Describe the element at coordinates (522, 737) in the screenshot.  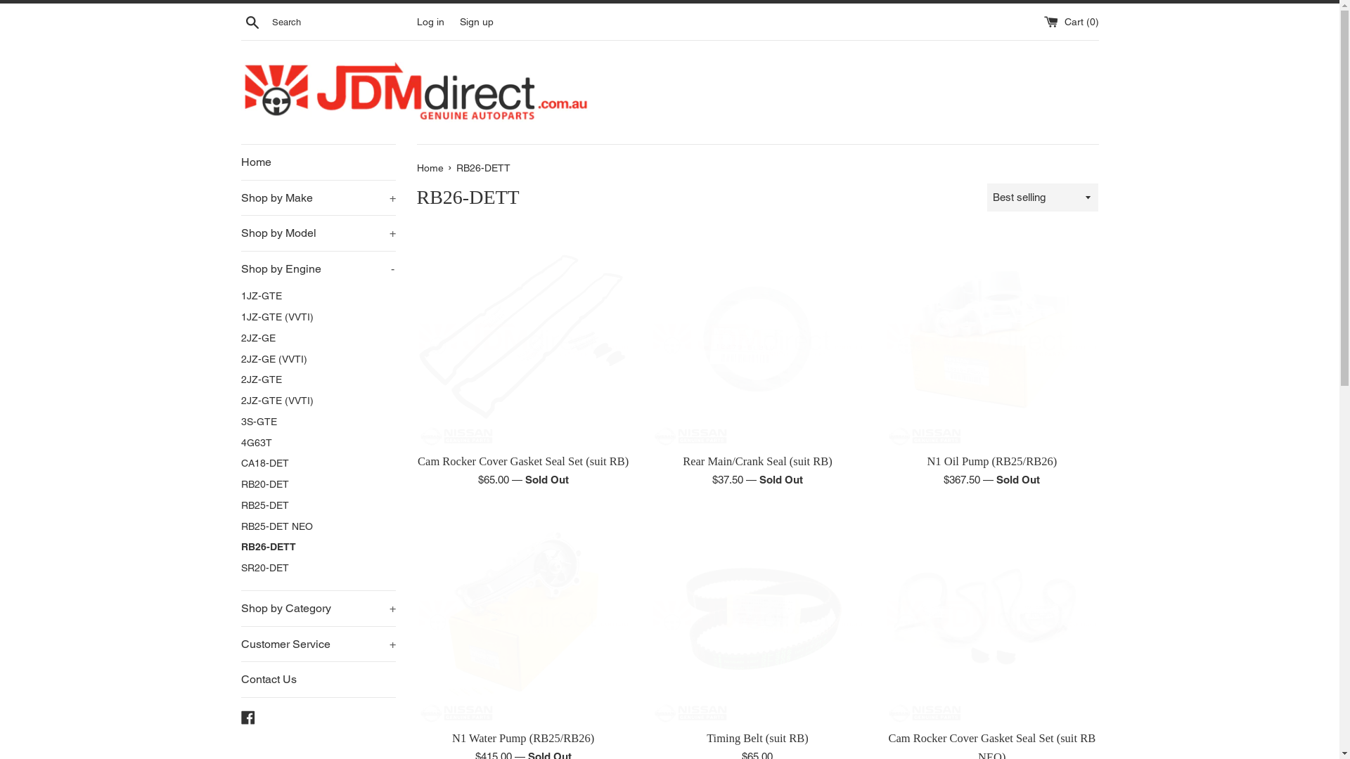
I see `'N1 Water Pump (RB25/RB26)'` at that location.